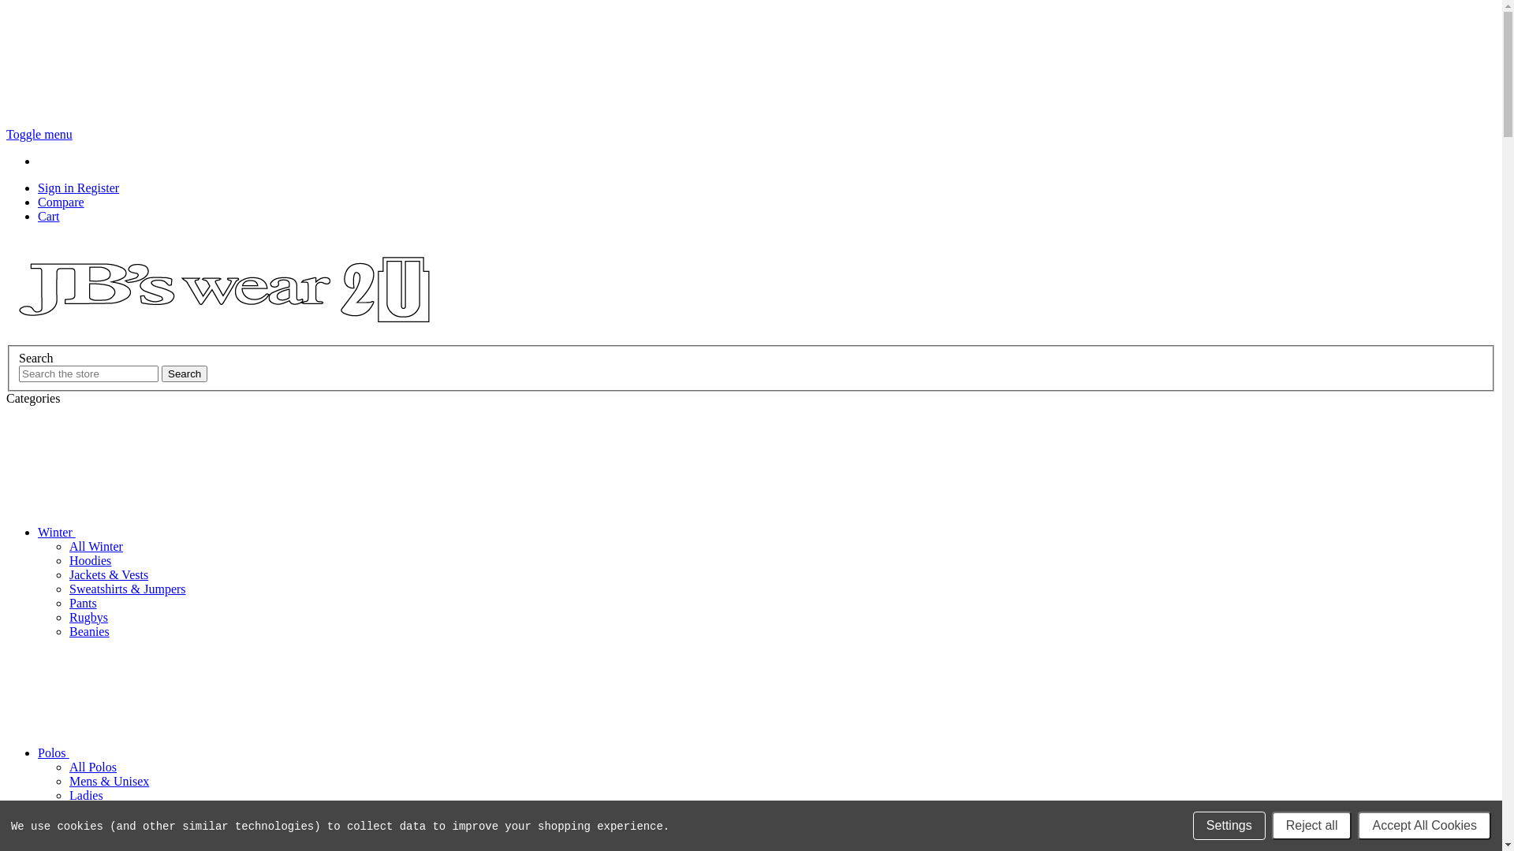 The width and height of the screenshot is (1514, 851). I want to click on 'All Polos', so click(68, 766).